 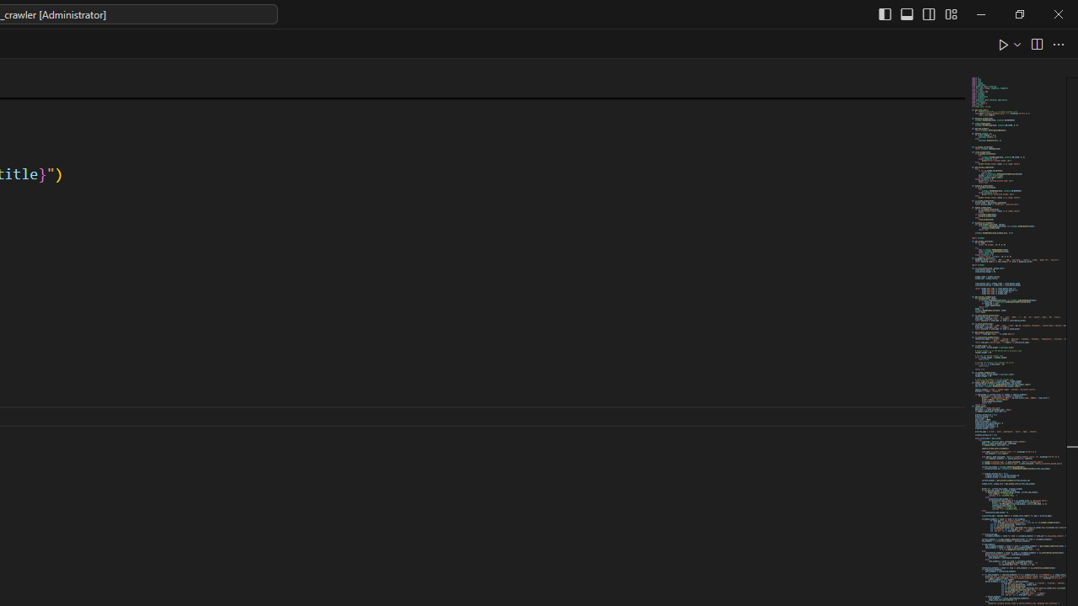 What do you see at coordinates (906, 13) in the screenshot?
I see `'Toggle Panel (Ctrl+J)'` at bounding box center [906, 13].